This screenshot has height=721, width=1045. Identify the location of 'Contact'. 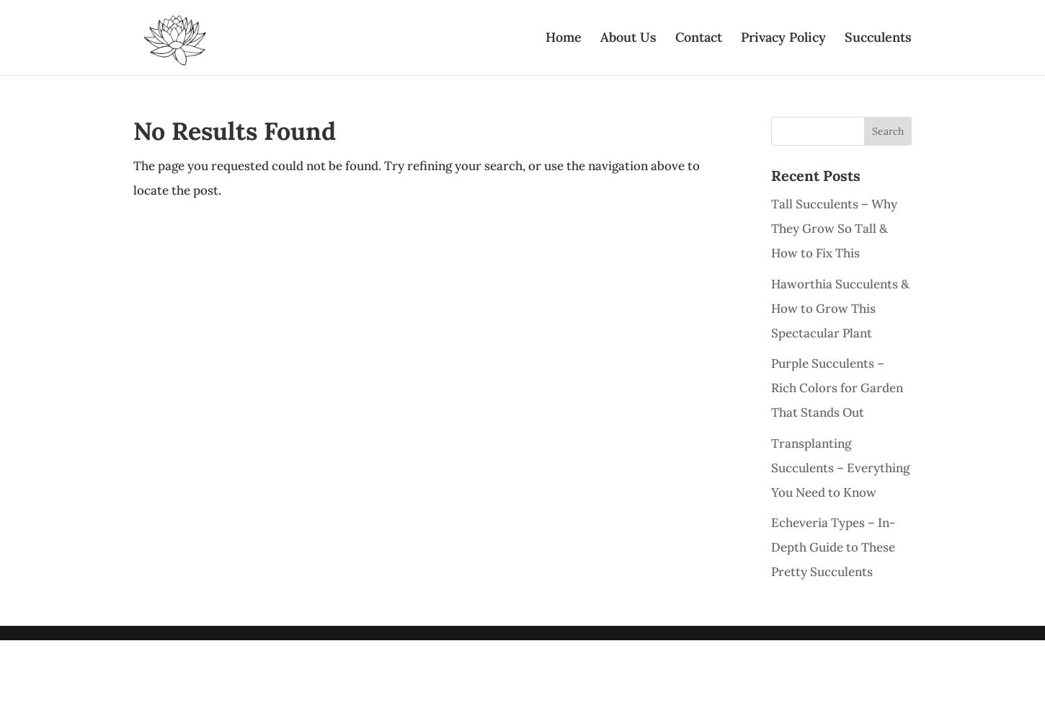
(698, 37).